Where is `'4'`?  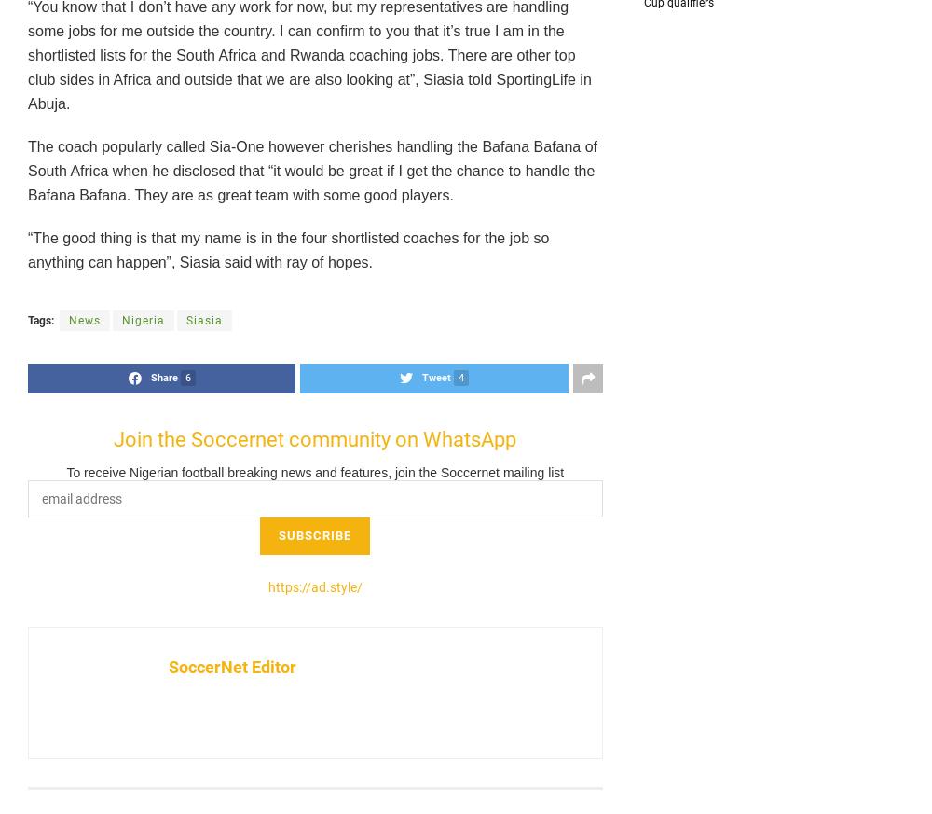
'4' is located at coordinates (459, 377).